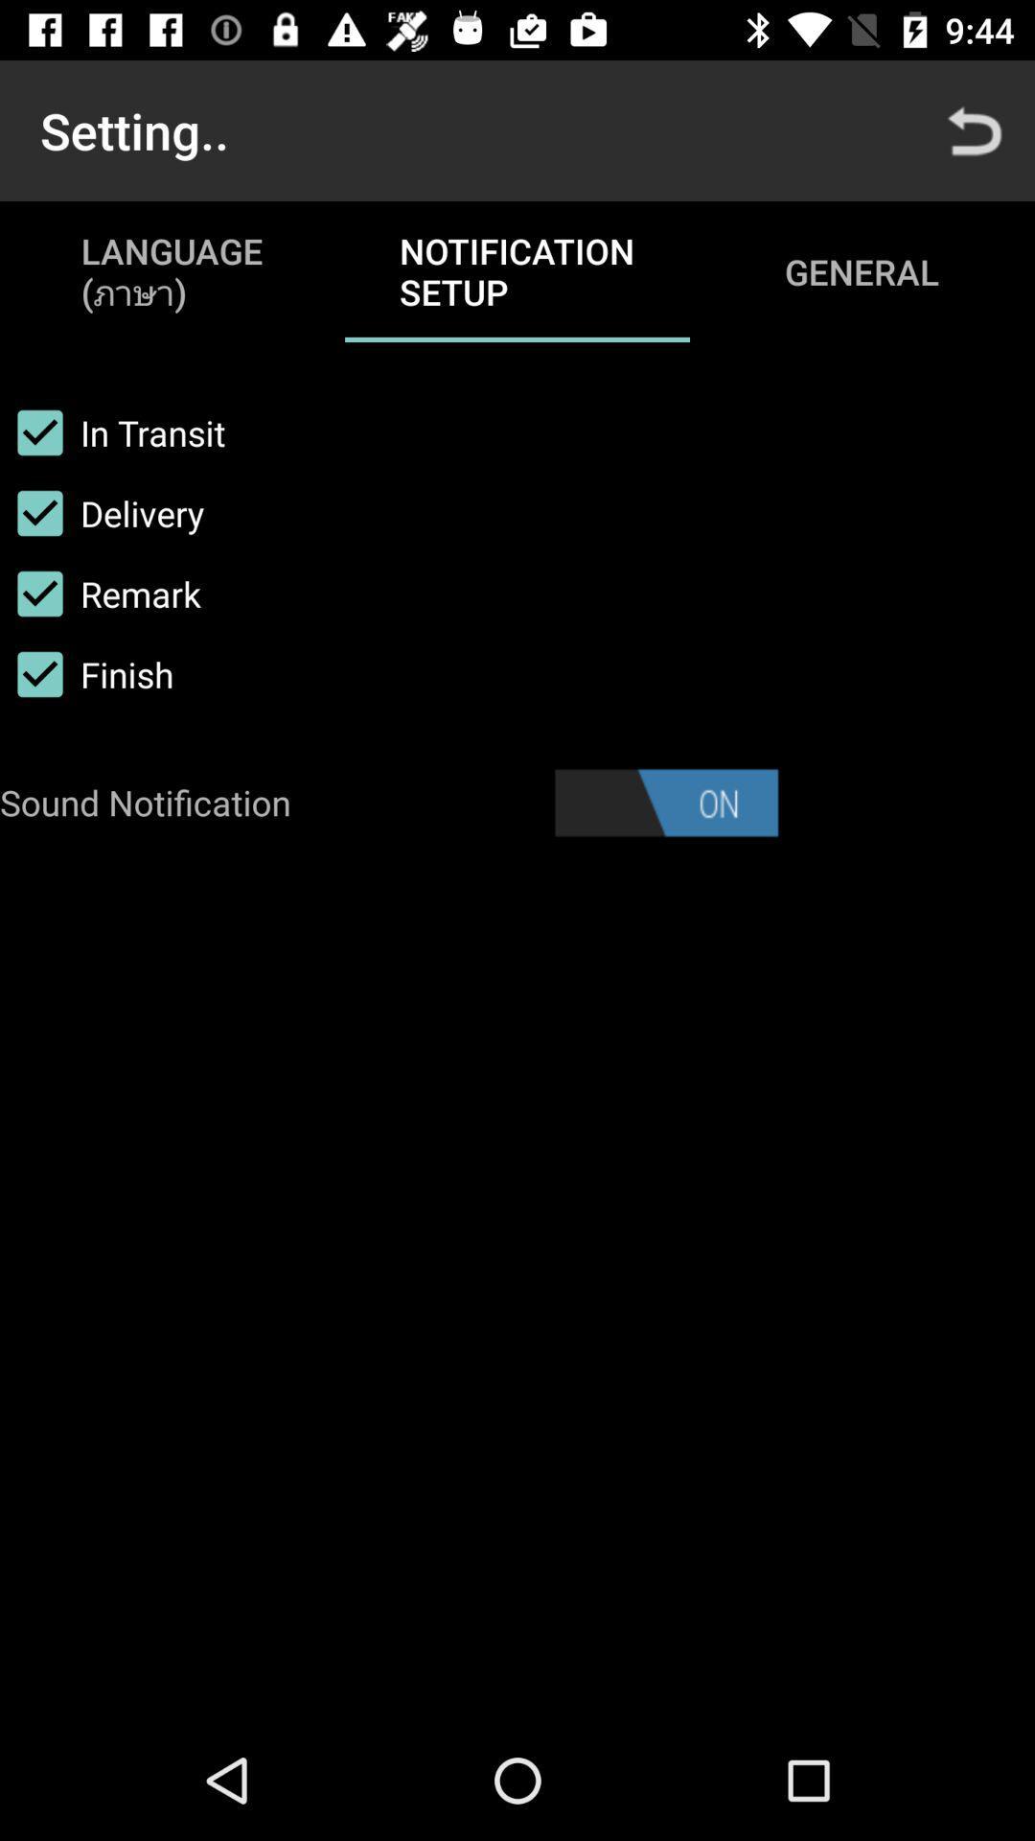 The width and height of the screenshot is (1035, 1841). I want to click on remark item, so click(100, 593).